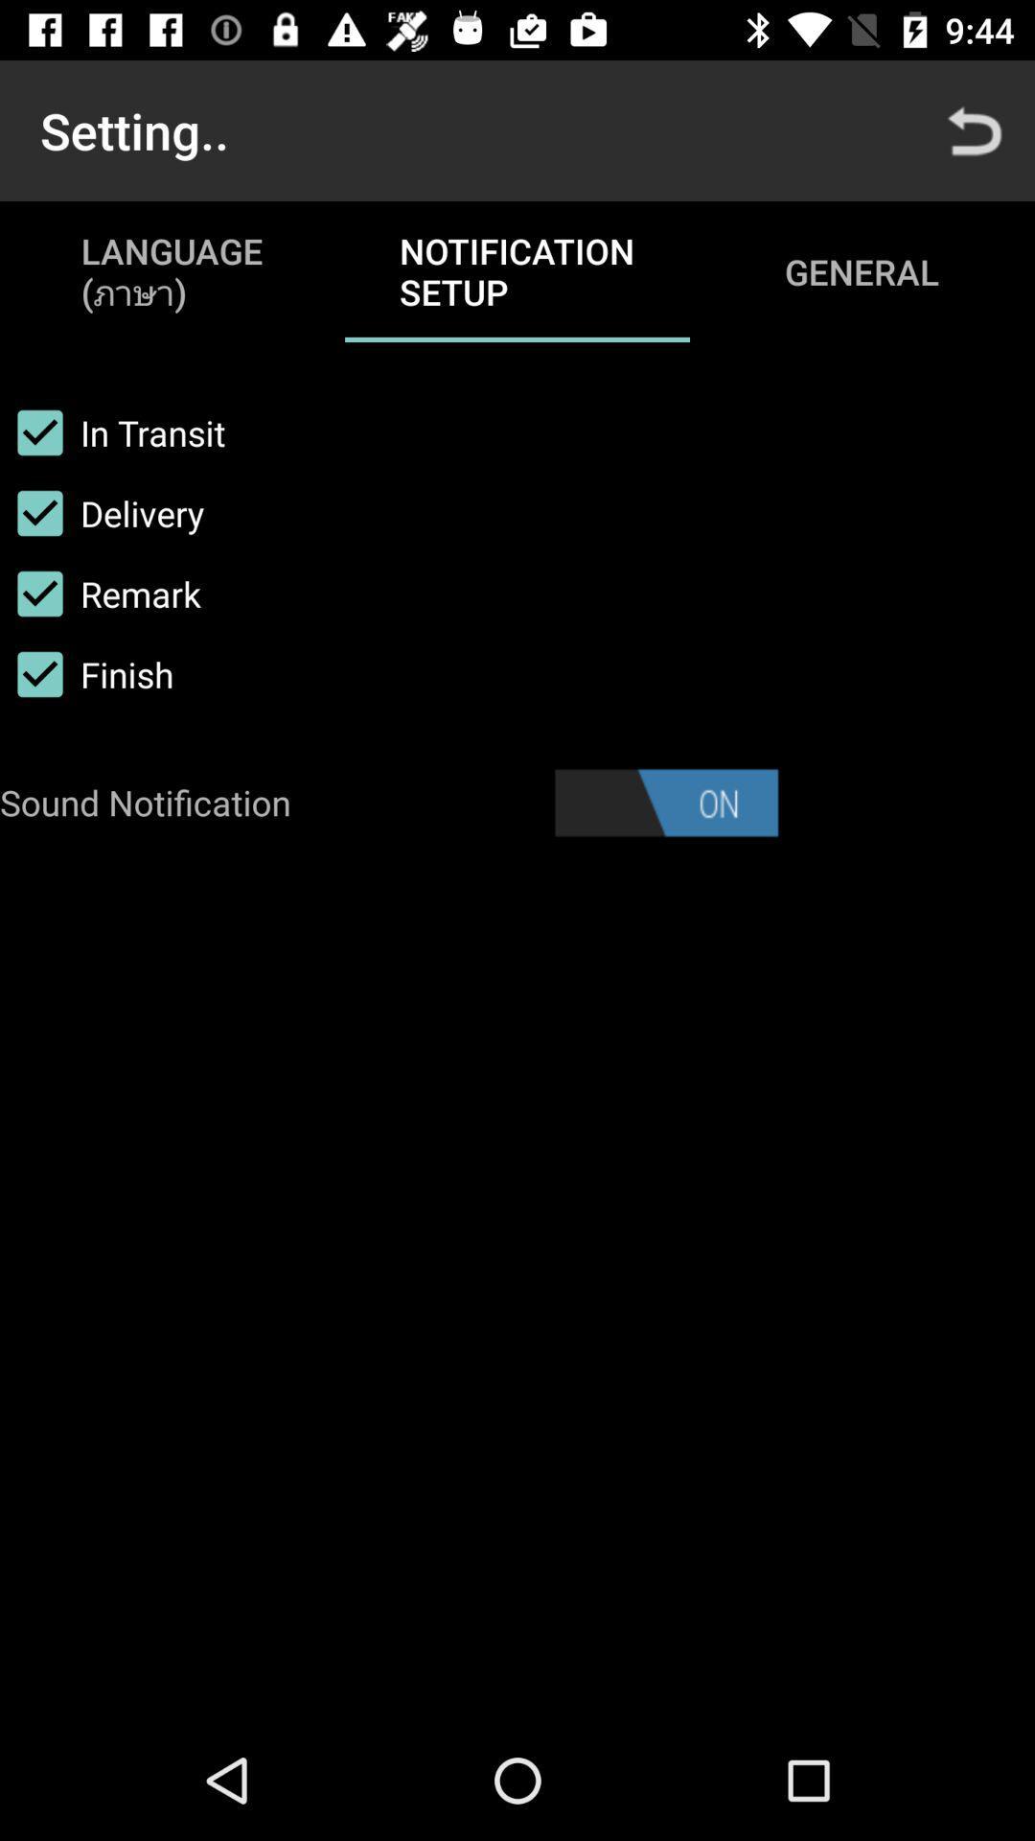 The width and height of the screenshot is (1035, 1841). I want to click on remark item, so click(100, 593).